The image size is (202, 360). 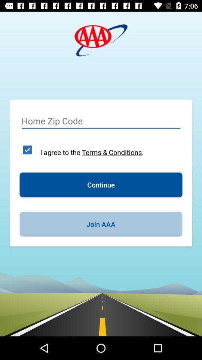 I want to click on icon on the left, so click(x=27, y=149).